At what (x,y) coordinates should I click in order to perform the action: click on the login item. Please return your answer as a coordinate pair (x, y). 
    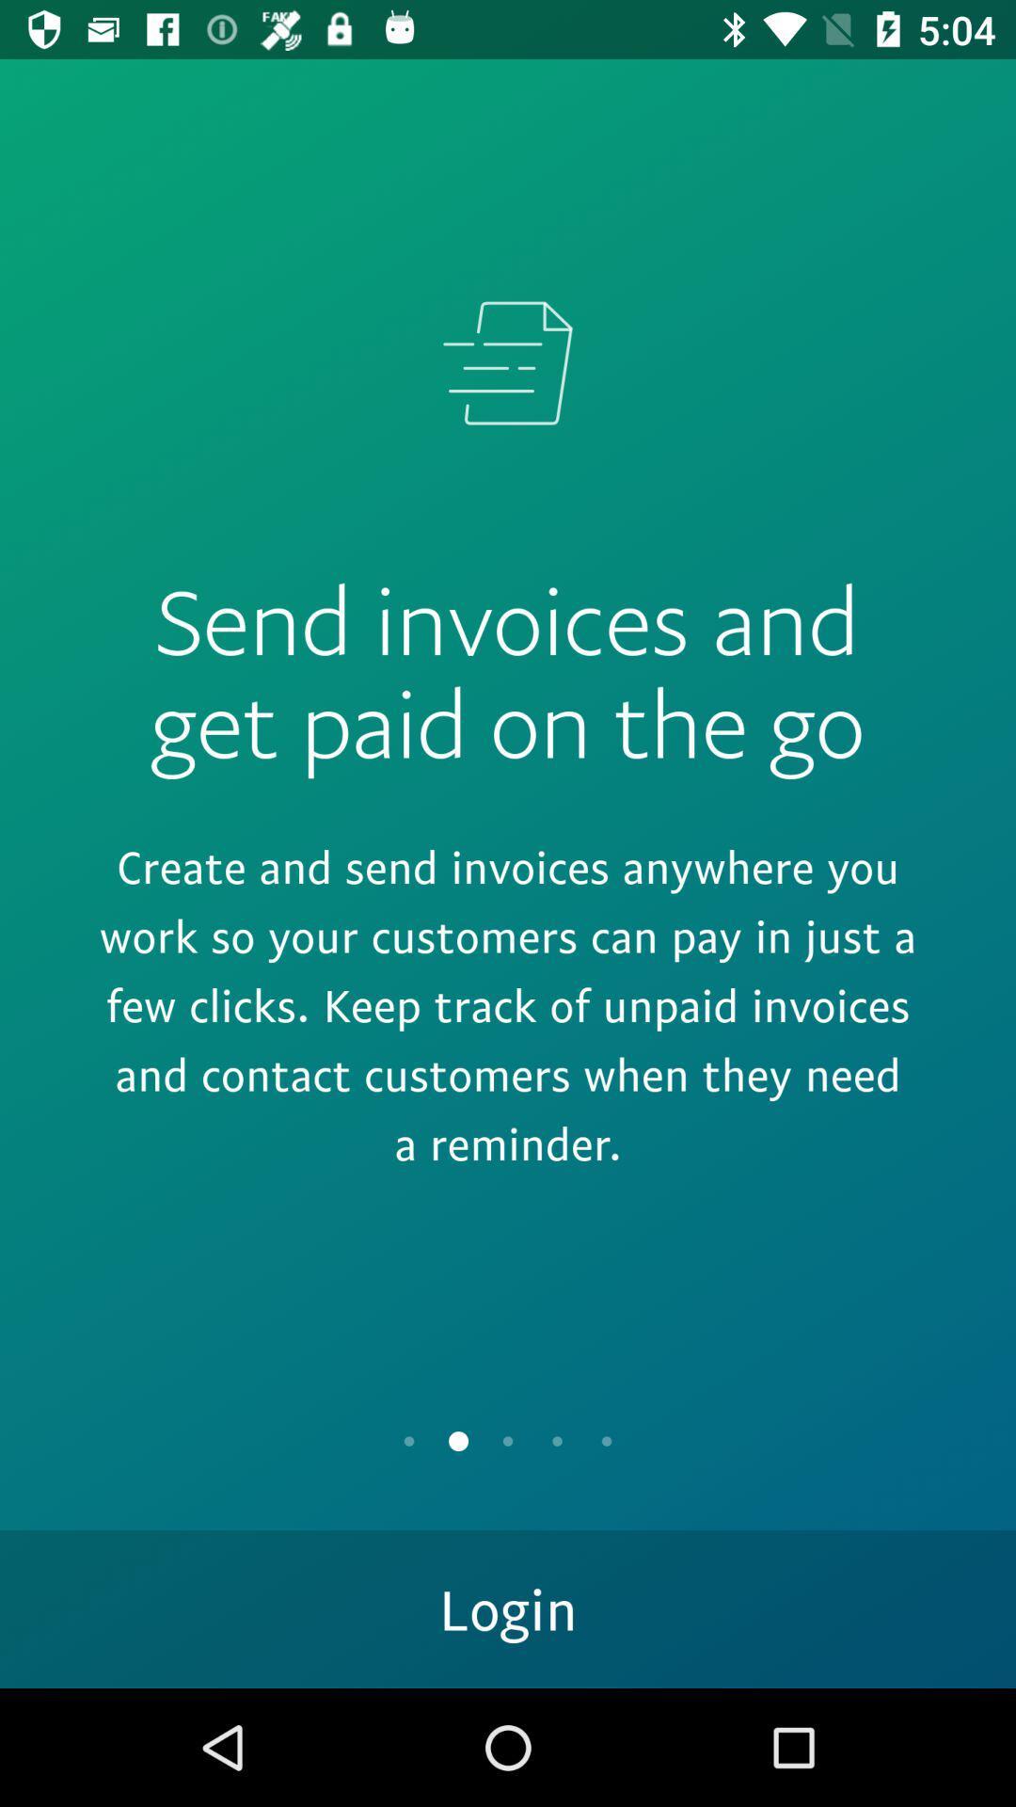
    Looking at the image, I should click on (508, 1607).